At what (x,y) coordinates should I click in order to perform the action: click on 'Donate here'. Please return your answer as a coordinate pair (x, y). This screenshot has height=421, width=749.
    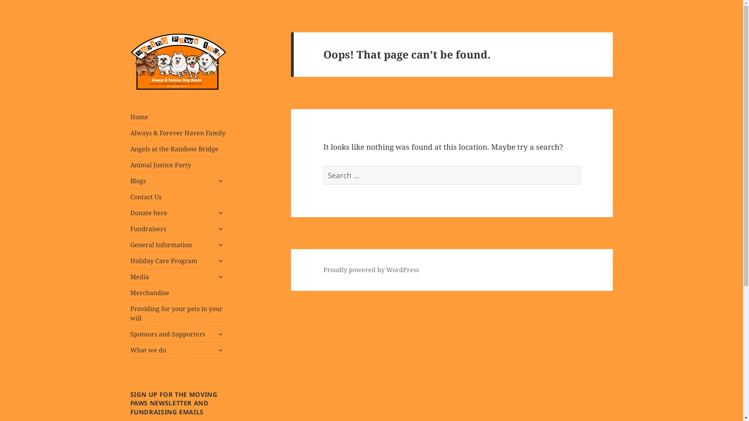
    Looking at the image, I should click on (178, 213).